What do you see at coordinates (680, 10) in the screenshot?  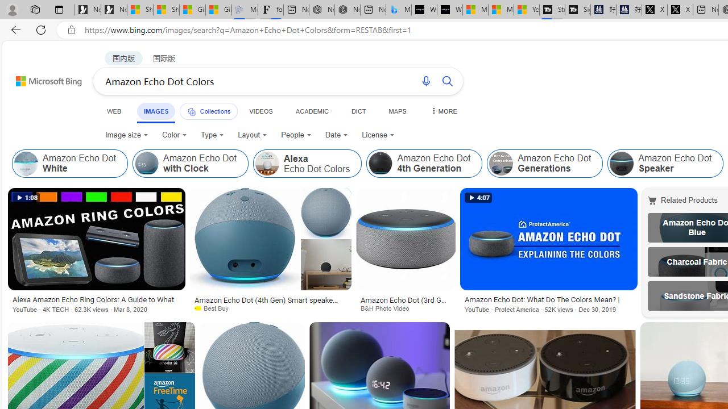 I see `'X'` at bounding box center [680, 10].